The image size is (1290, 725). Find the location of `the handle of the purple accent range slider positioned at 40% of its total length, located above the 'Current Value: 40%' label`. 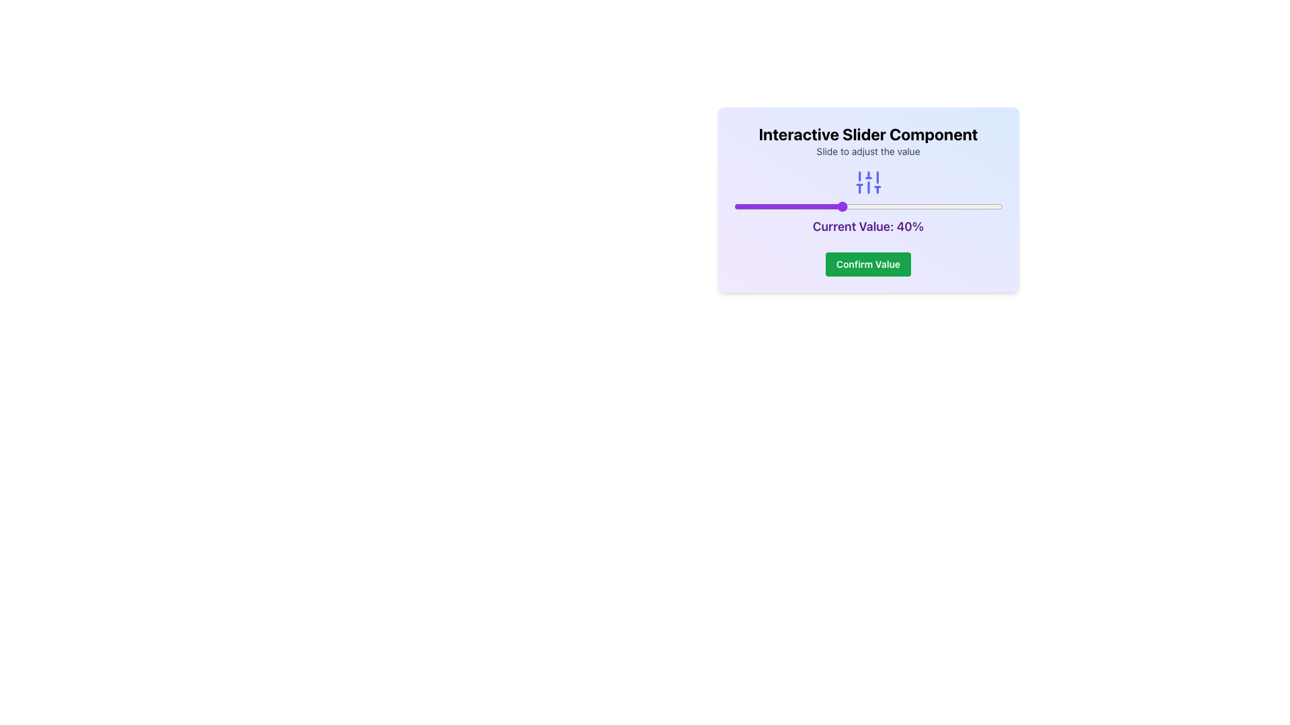

the handle of the purple accent range slider positioned at 40% of its total length, located above the 'Current Value: 40%' label is located at coordinates (868, 207).